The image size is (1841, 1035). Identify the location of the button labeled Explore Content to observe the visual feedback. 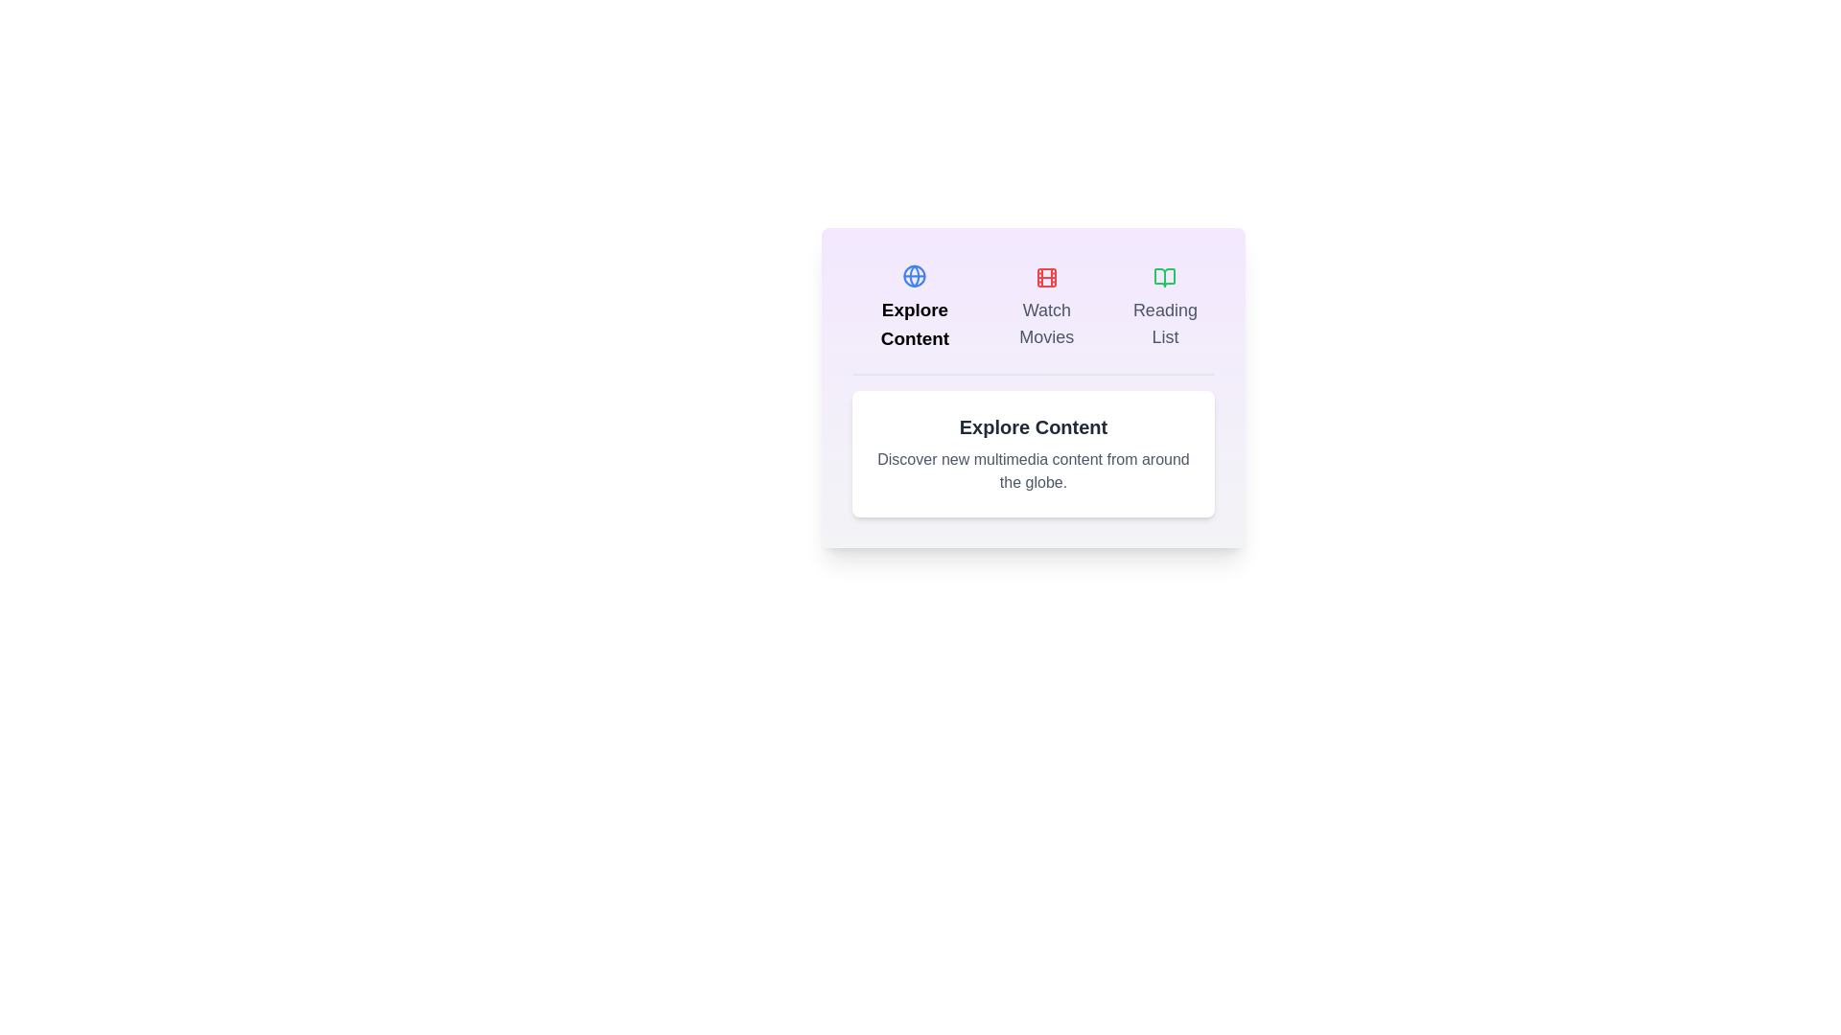
(914, 307).